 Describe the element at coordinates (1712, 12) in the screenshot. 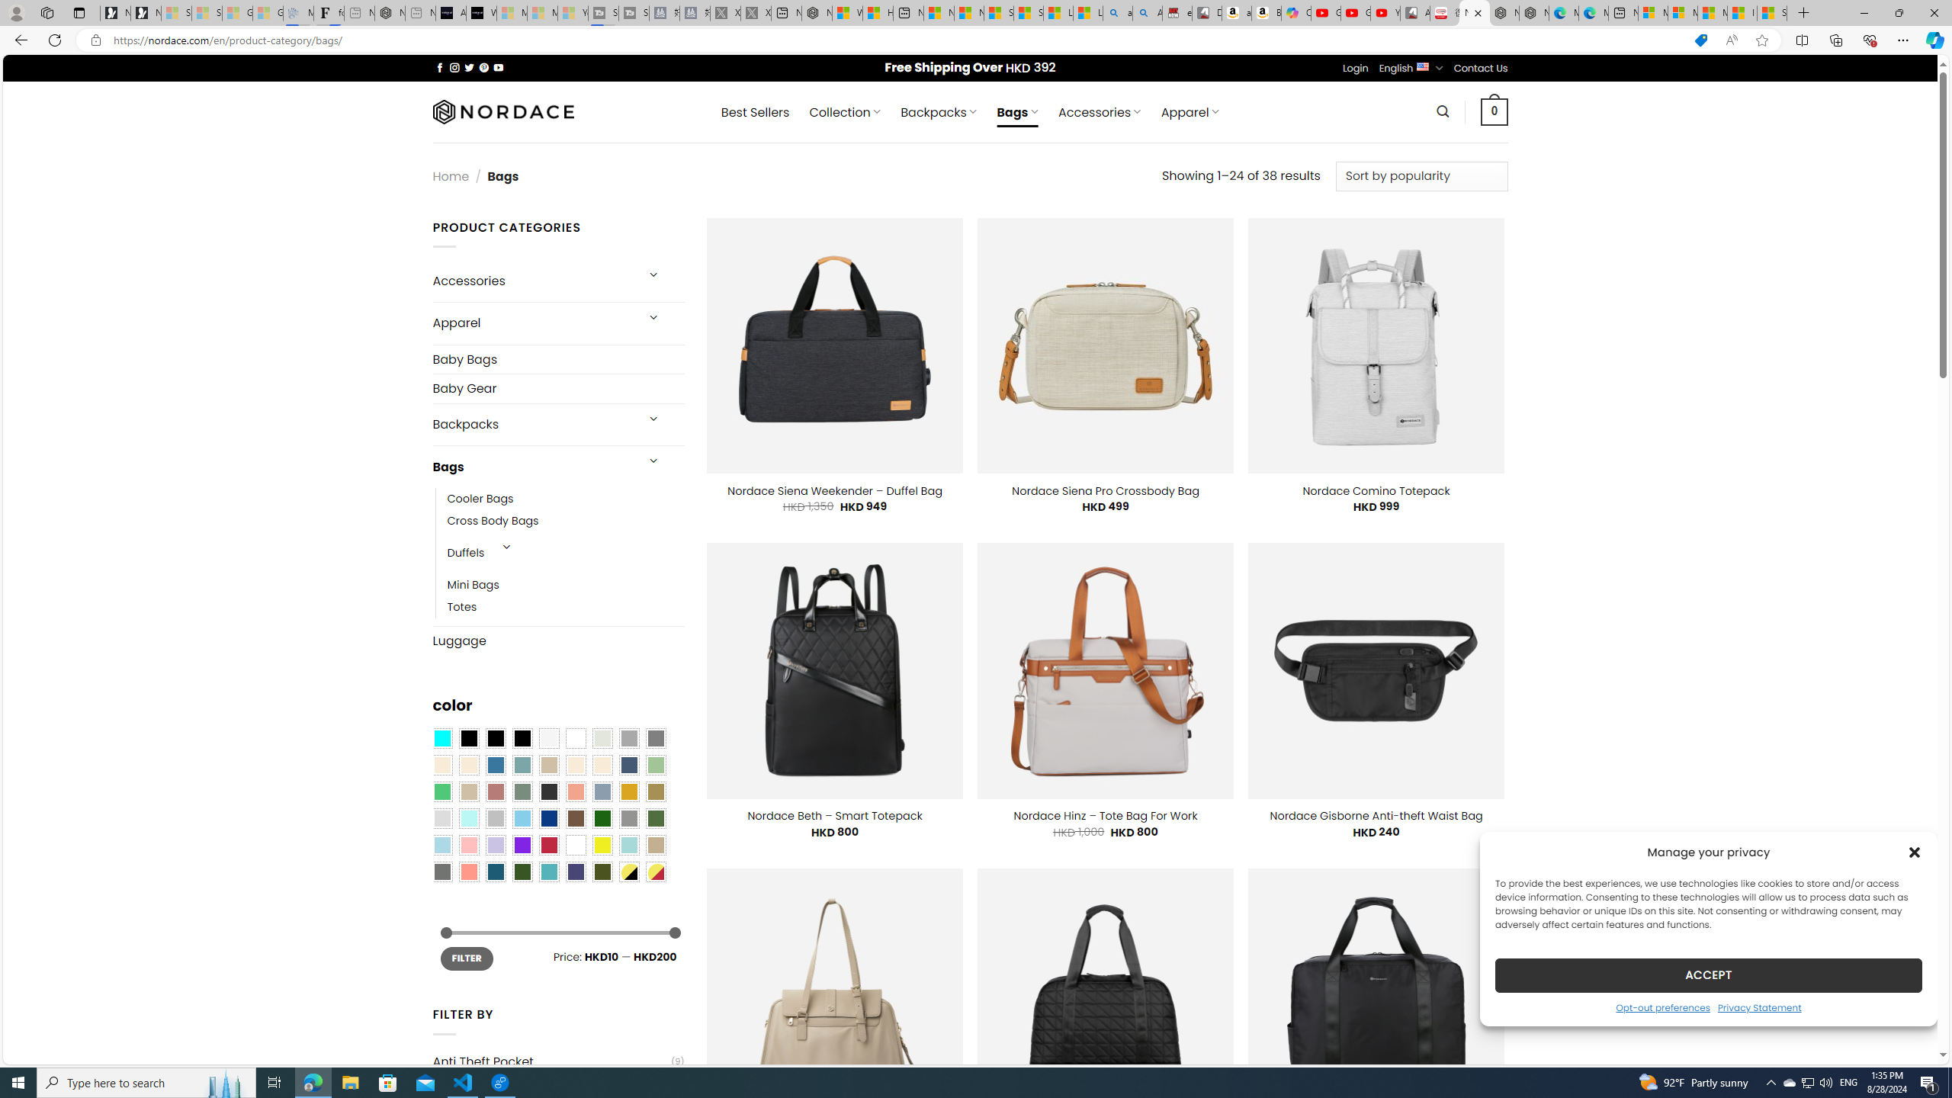

I see `'Microsoft Start'` at that location.